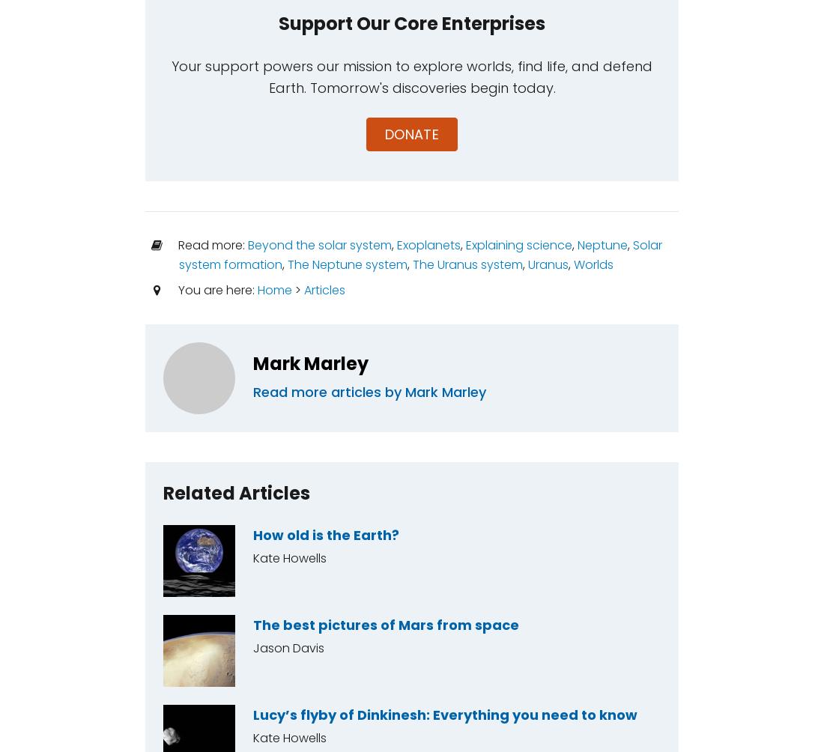 The height and width of the screenshot is (752, 824). What do you see at coordinates (593, 264) in the screenshot?
I see `'Worlds'` at bounding box center [593, 264].